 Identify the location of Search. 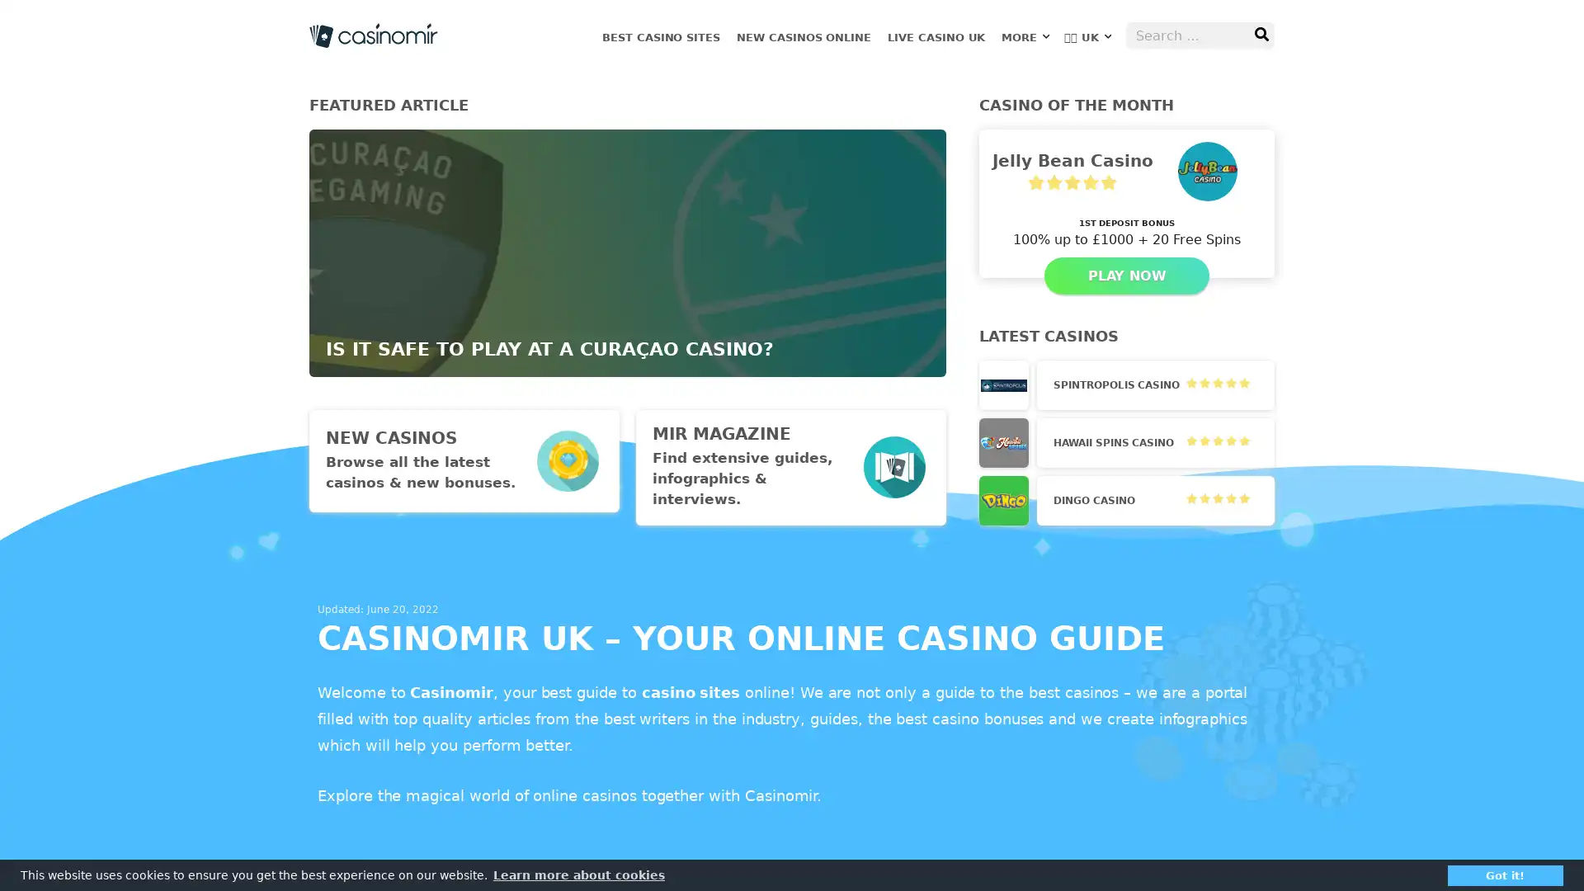
(1261, 35).